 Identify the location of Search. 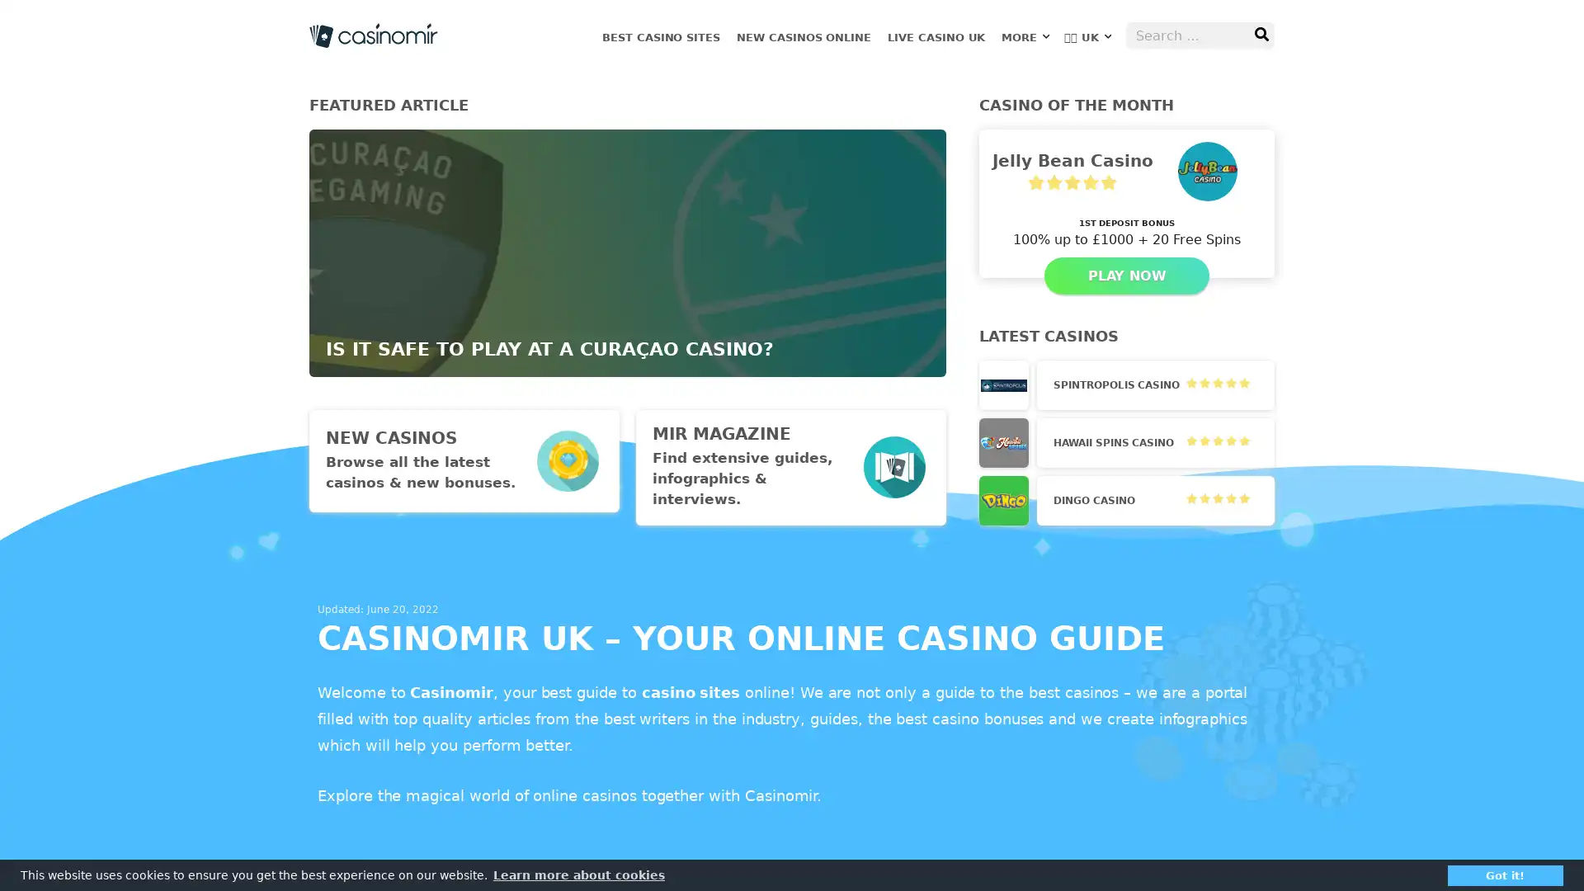
(1261, 35).